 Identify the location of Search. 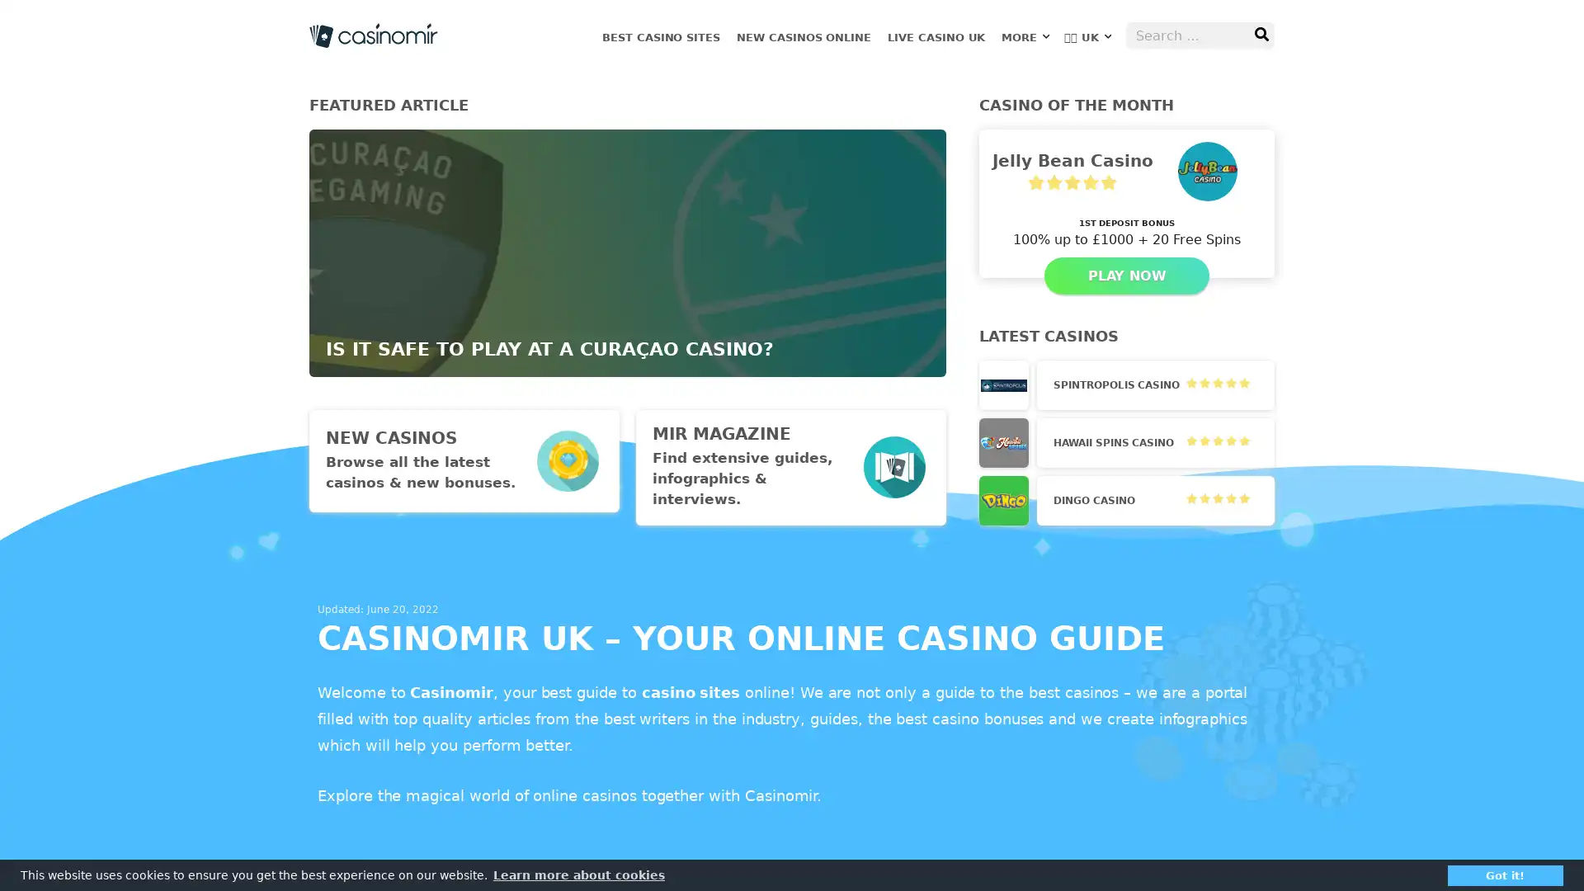
(1261, 35).